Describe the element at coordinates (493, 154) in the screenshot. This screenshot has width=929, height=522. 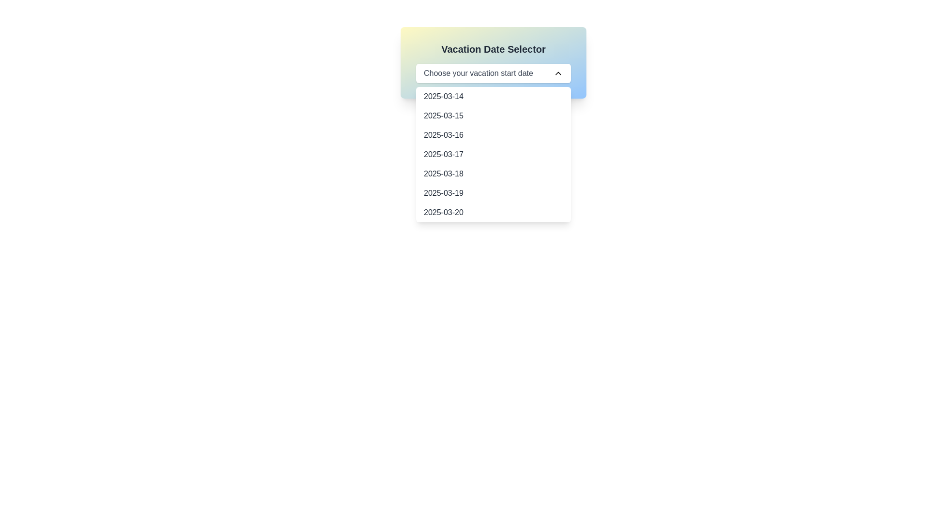
I see `the fourth item in the dropdown menu representing a selectable date, situated between '2025-03-16' and '2025-03-18' under the 'Vacation Date Selector'` at that location.